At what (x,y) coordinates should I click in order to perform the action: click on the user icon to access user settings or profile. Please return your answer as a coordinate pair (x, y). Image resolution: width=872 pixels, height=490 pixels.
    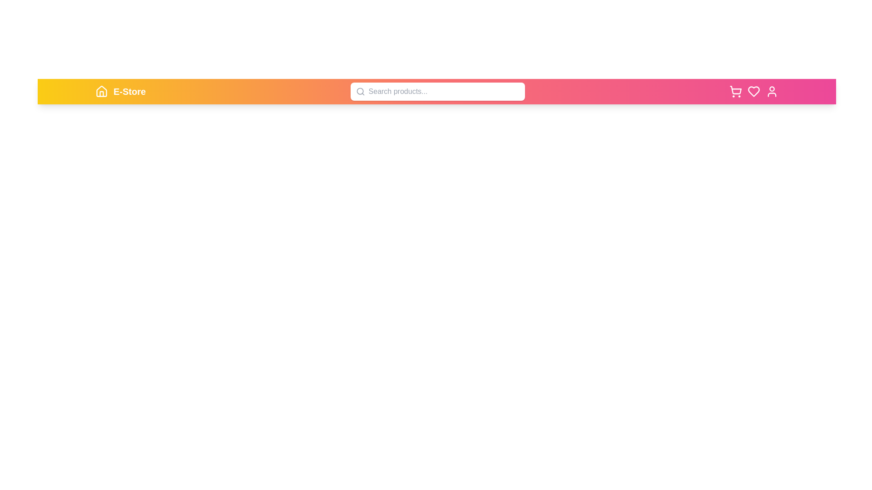
    Looking at the image, I should click on (771, 91).